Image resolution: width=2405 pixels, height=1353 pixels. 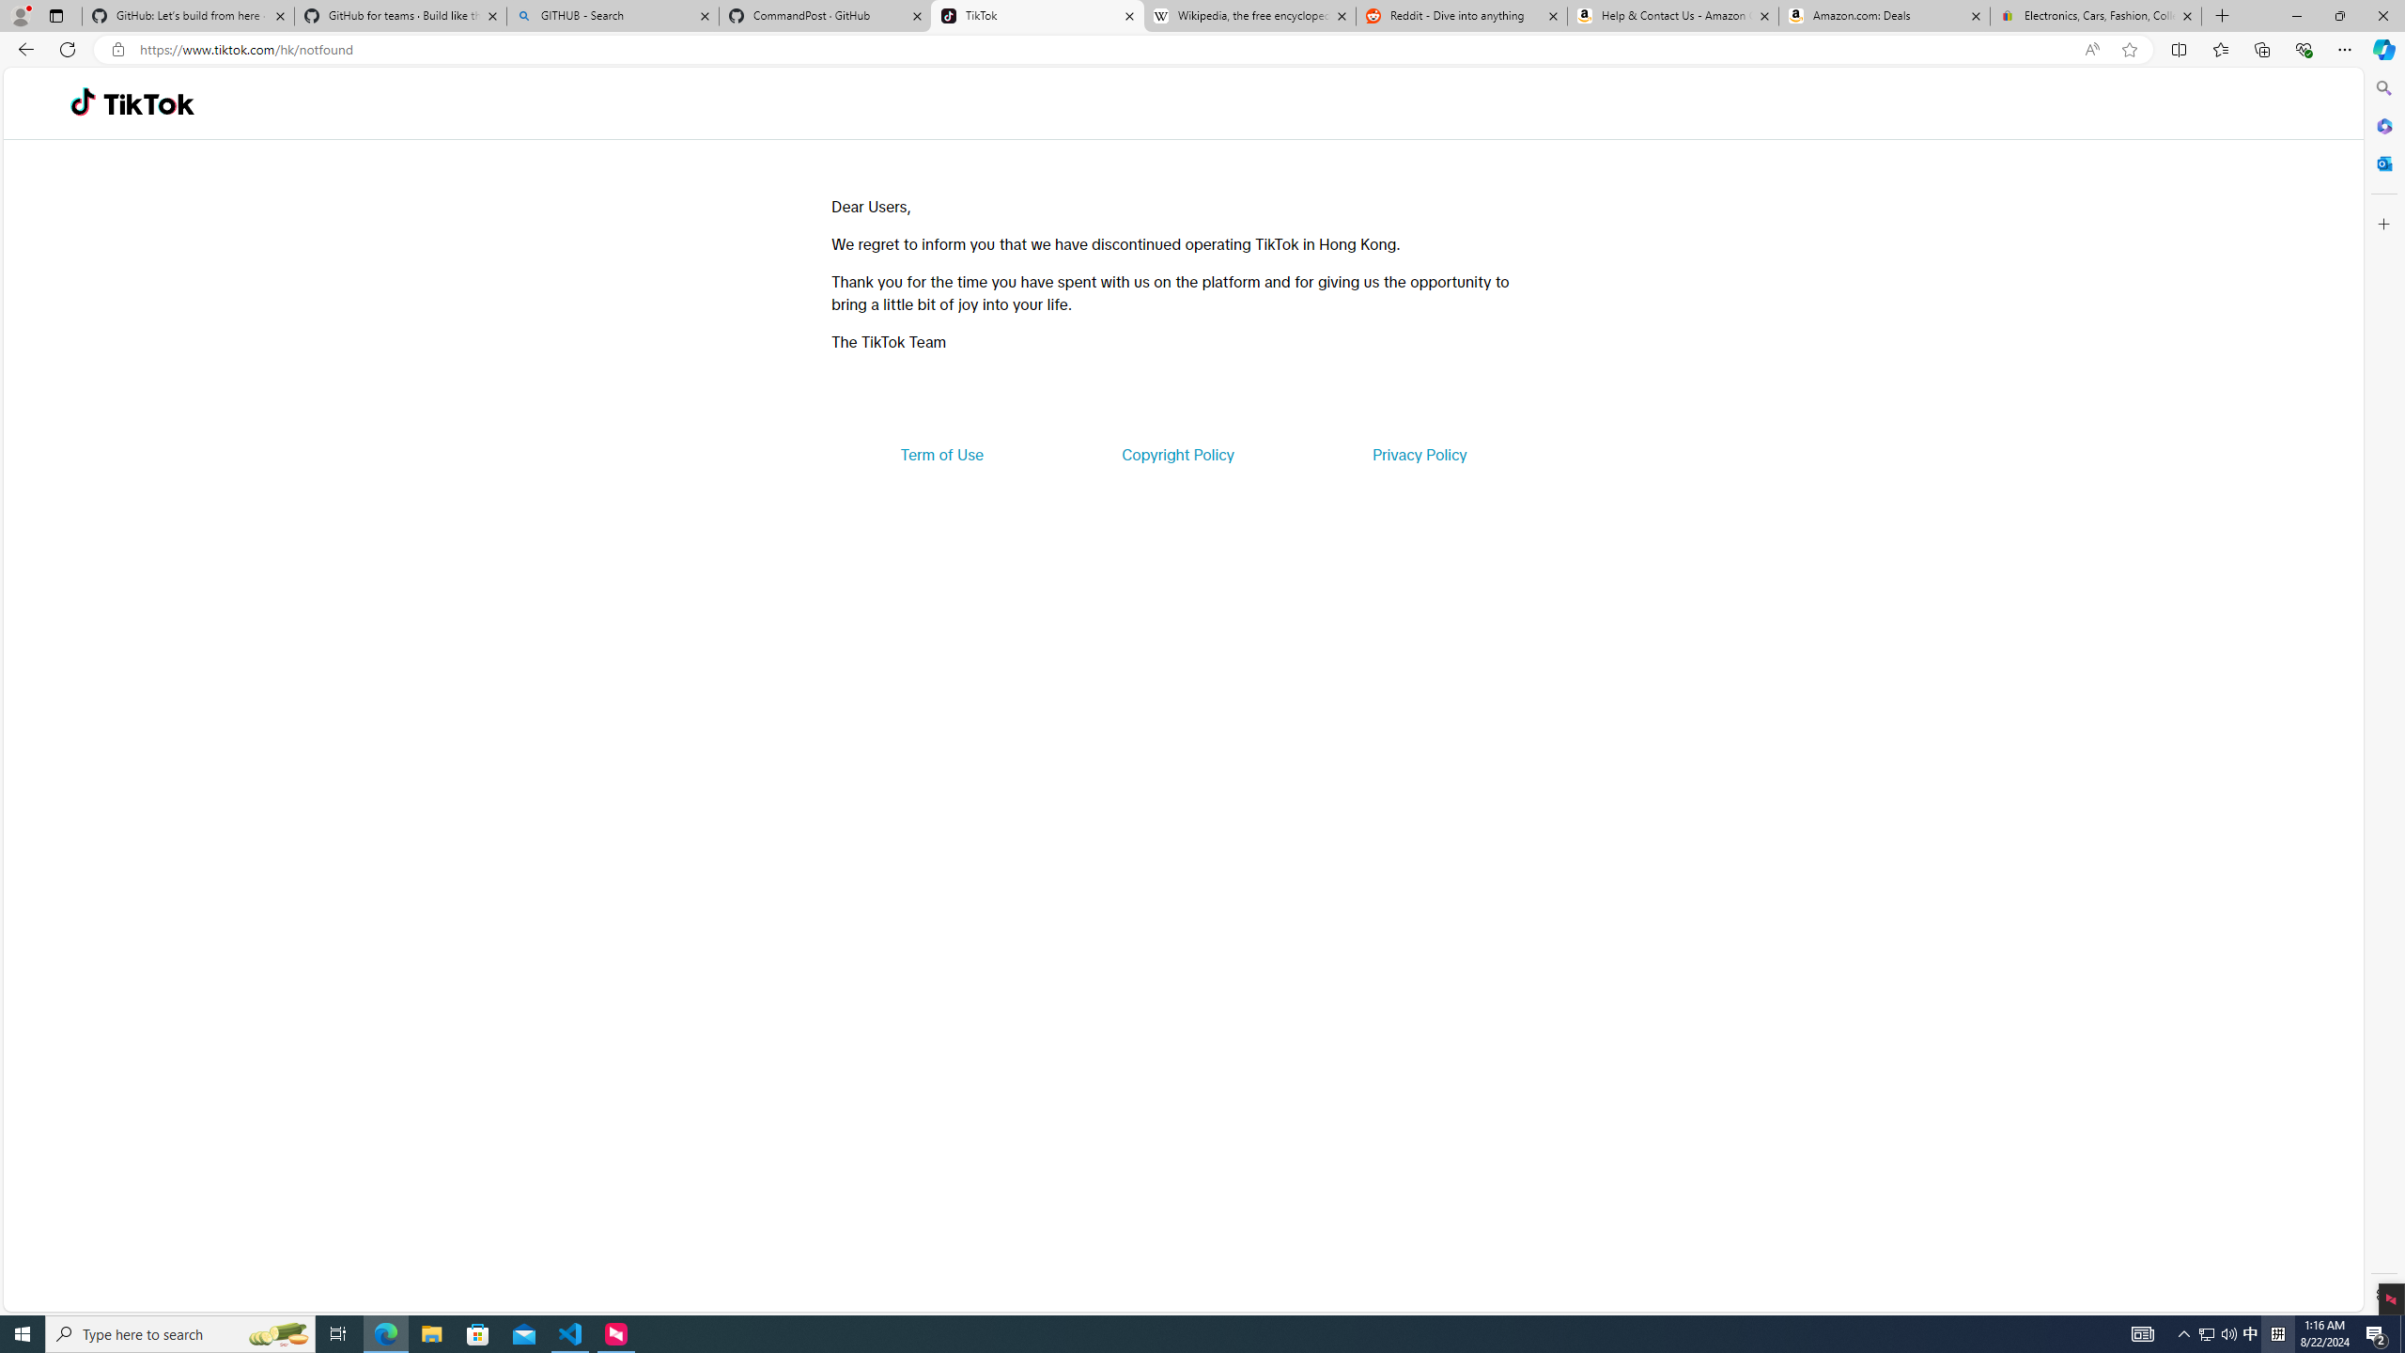 I want to click on 'Favorites', so click(x=2221, y=48).